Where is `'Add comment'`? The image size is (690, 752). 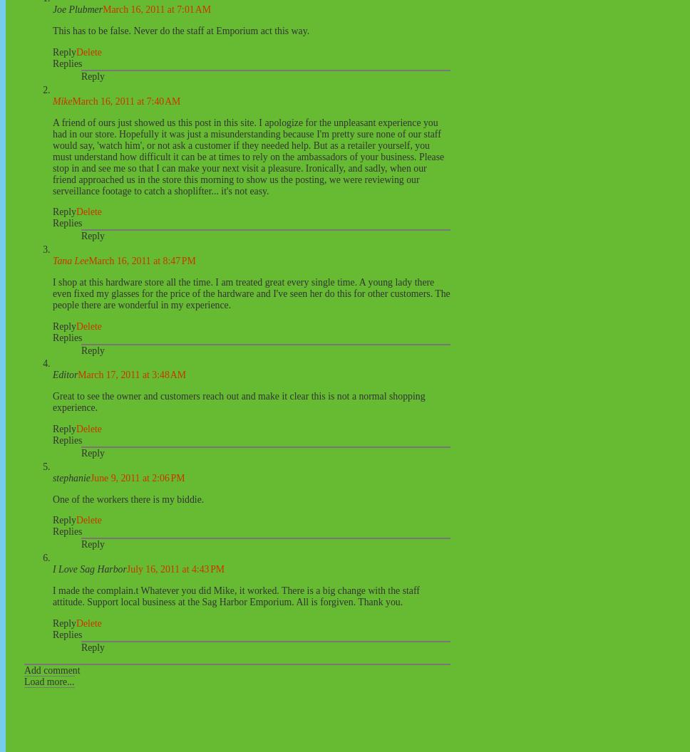 'Add comment' is located at coordinates (51, 669).